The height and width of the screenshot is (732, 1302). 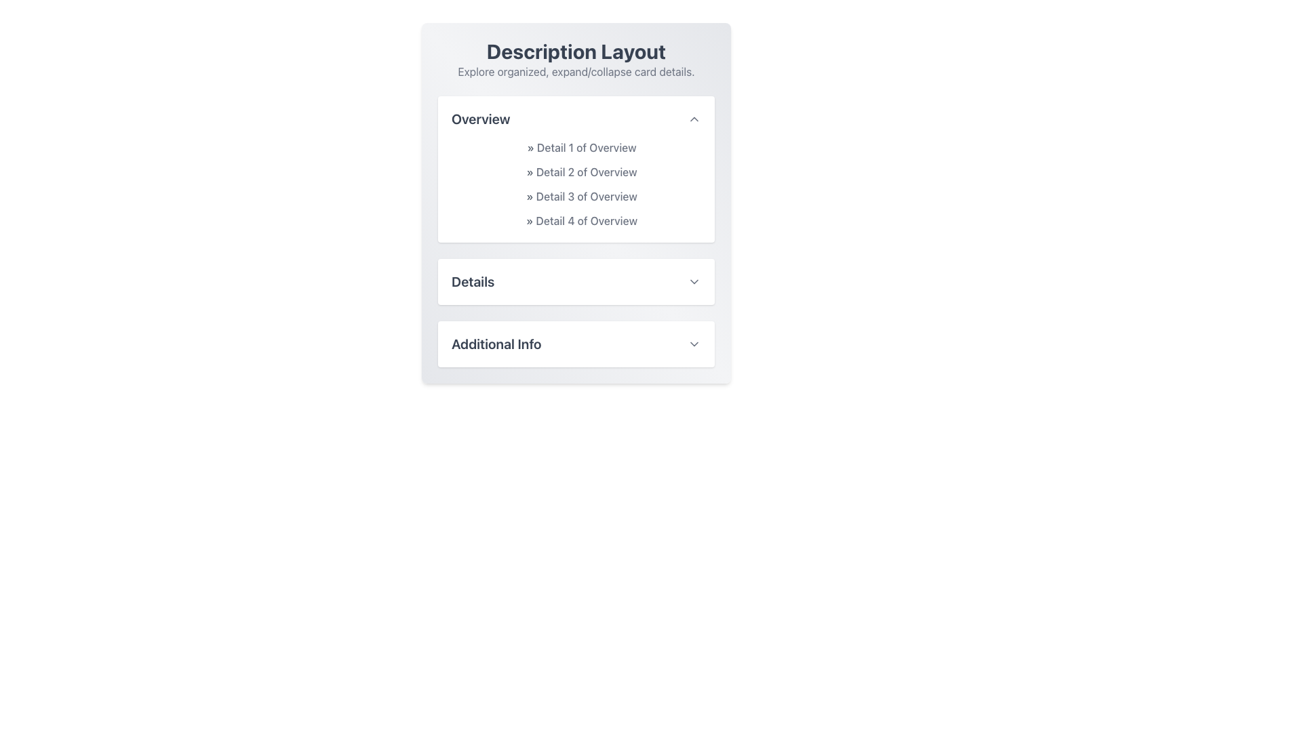 What do you see at coordinates (530, 196) in the screenshot?
I see `the right-facing chevron symbol ('»') located at the beginning of the text 'Detail 3 of Overview' in the 'Overview' expandable section to provide context for navigation` at bounding box center [530, 196].